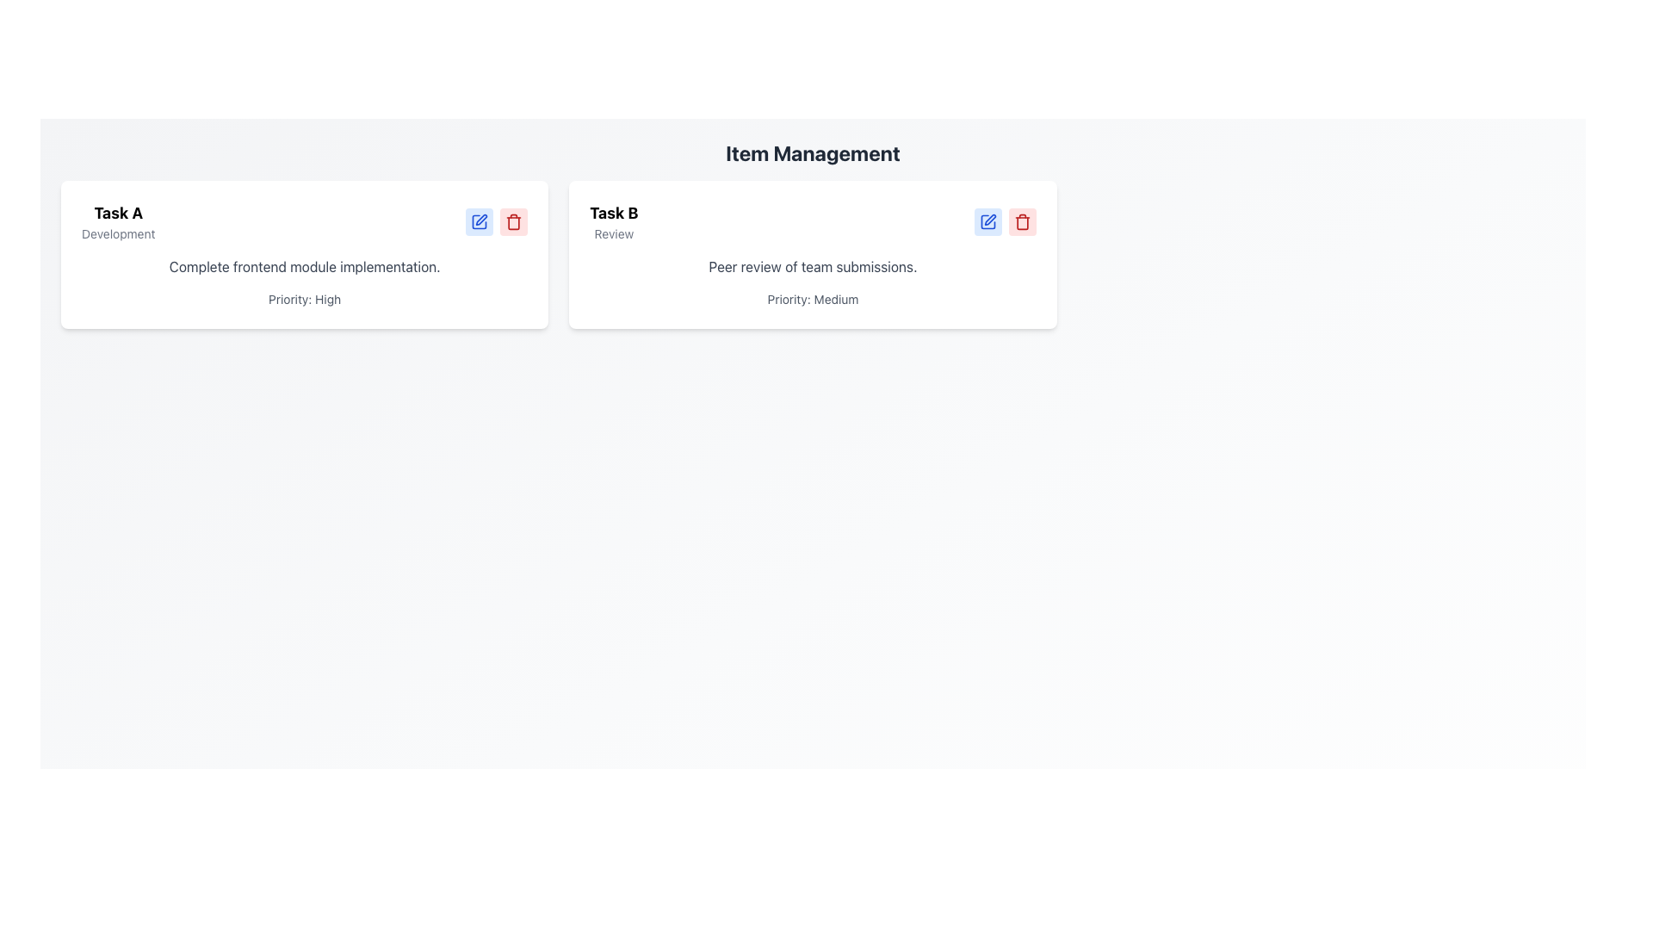 The height and width of the screenshot is (930, 1653). Describe the element at coordinates (513, 222) in the screenshot. I see `the trash can icon, which is a minimalistic line art style icon located at the top-right corner of the 'Task B' card` at that location.